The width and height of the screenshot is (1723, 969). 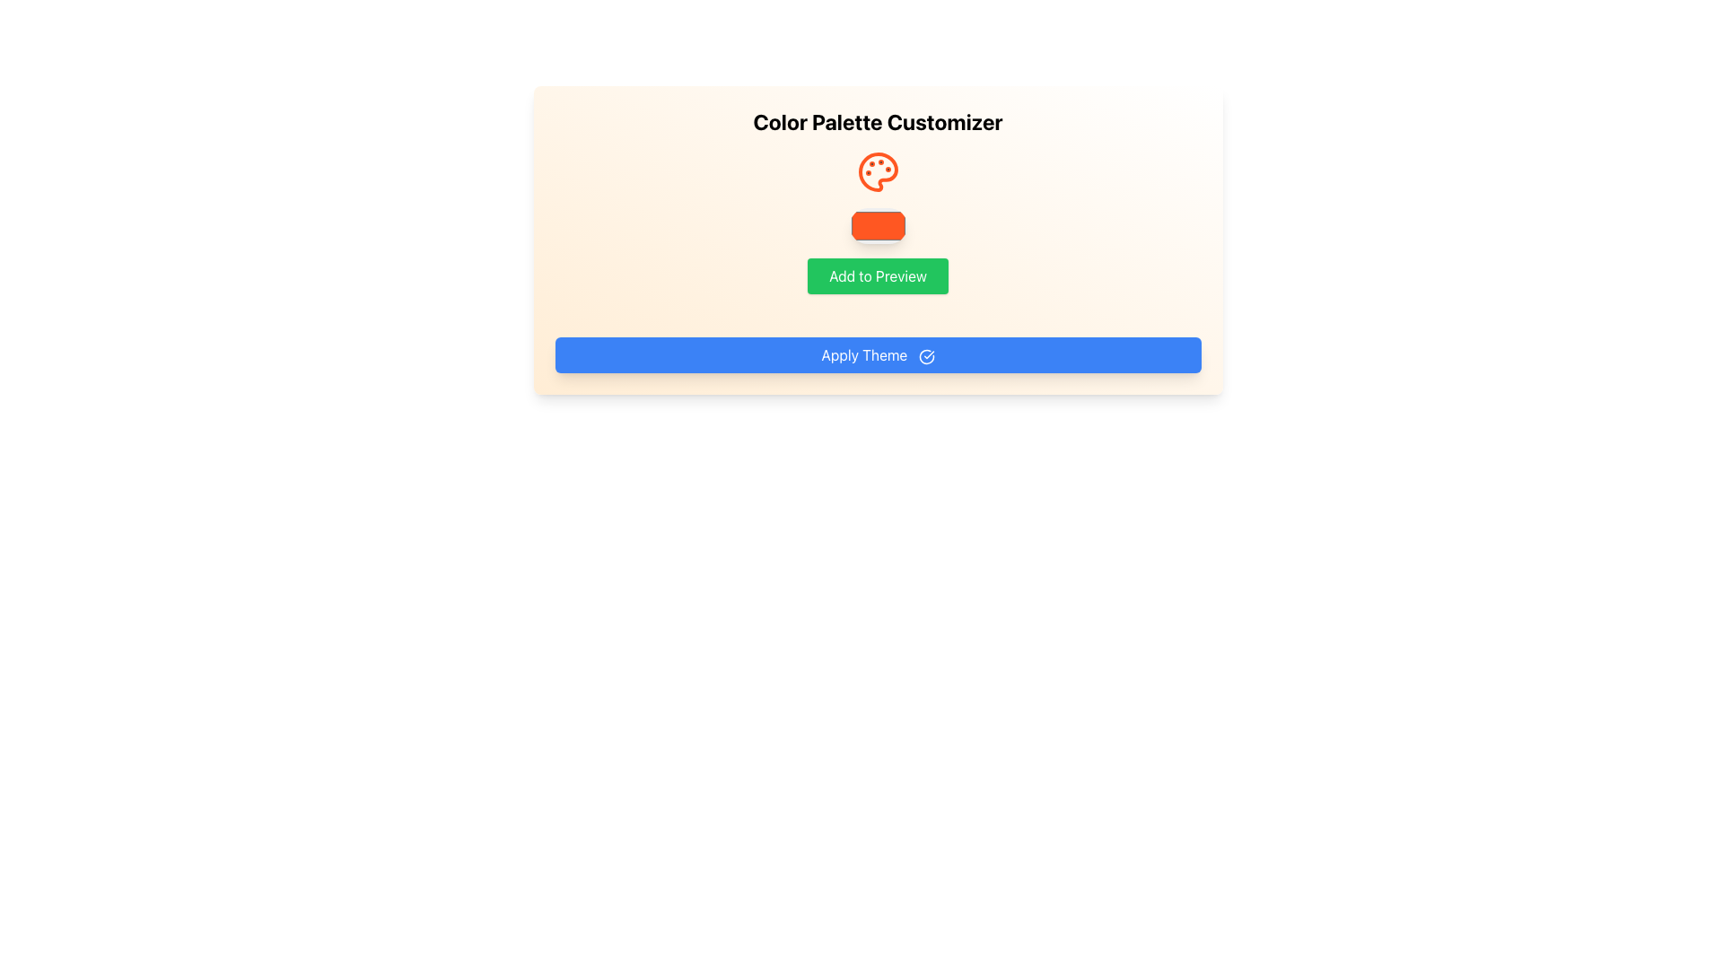 What do you see at coordinates (878, 276) in the screenshot?
I see `the 'Add to Preview' button` at bounding box center [878, 276].